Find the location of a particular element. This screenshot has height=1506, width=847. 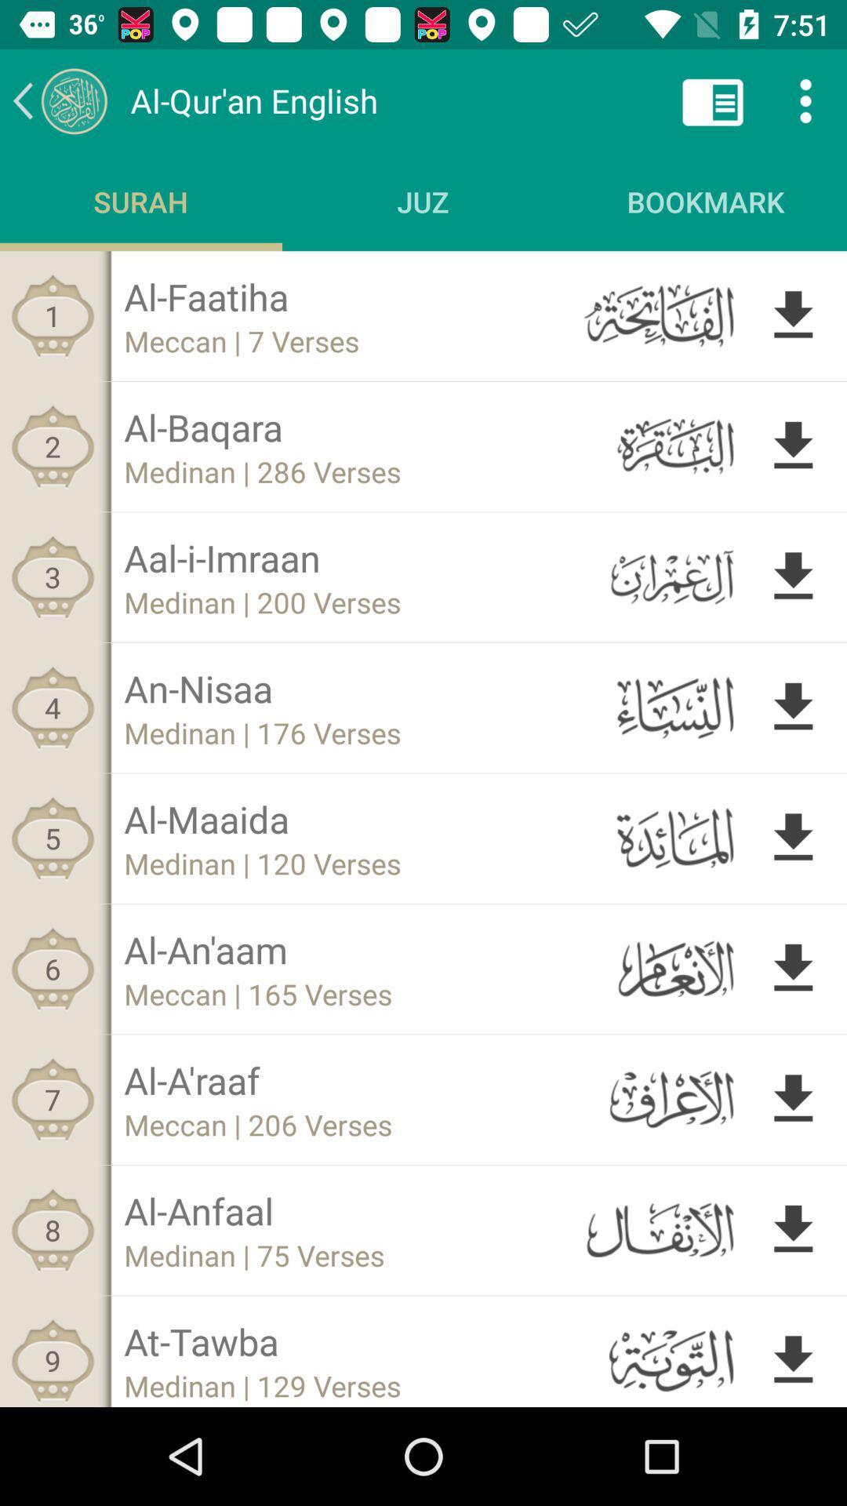

previous is located at coordinates (59, 100).